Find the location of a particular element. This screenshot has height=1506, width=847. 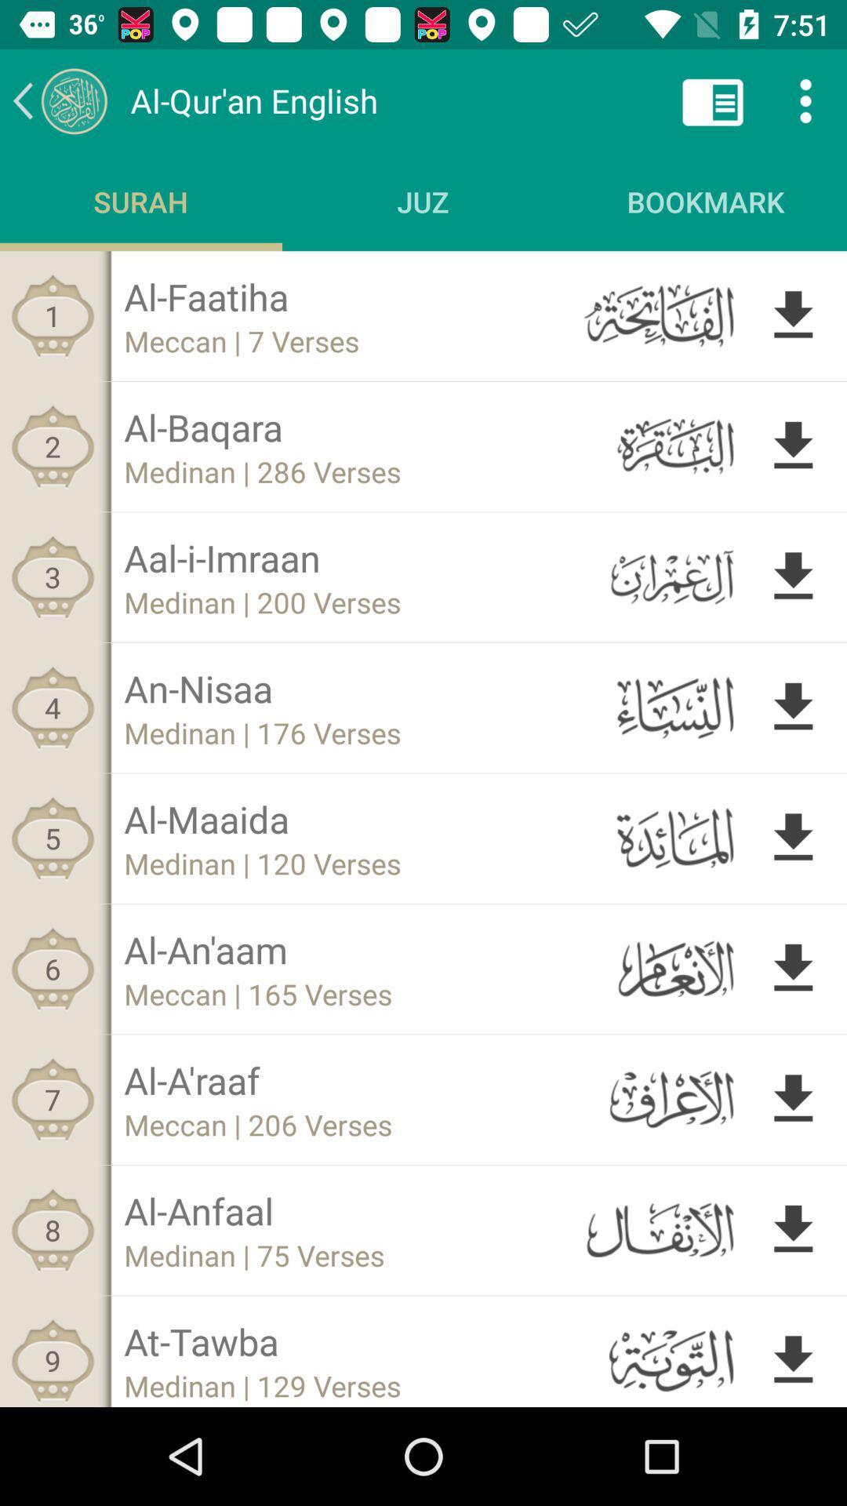

previous is located at coordinates (59, 100).